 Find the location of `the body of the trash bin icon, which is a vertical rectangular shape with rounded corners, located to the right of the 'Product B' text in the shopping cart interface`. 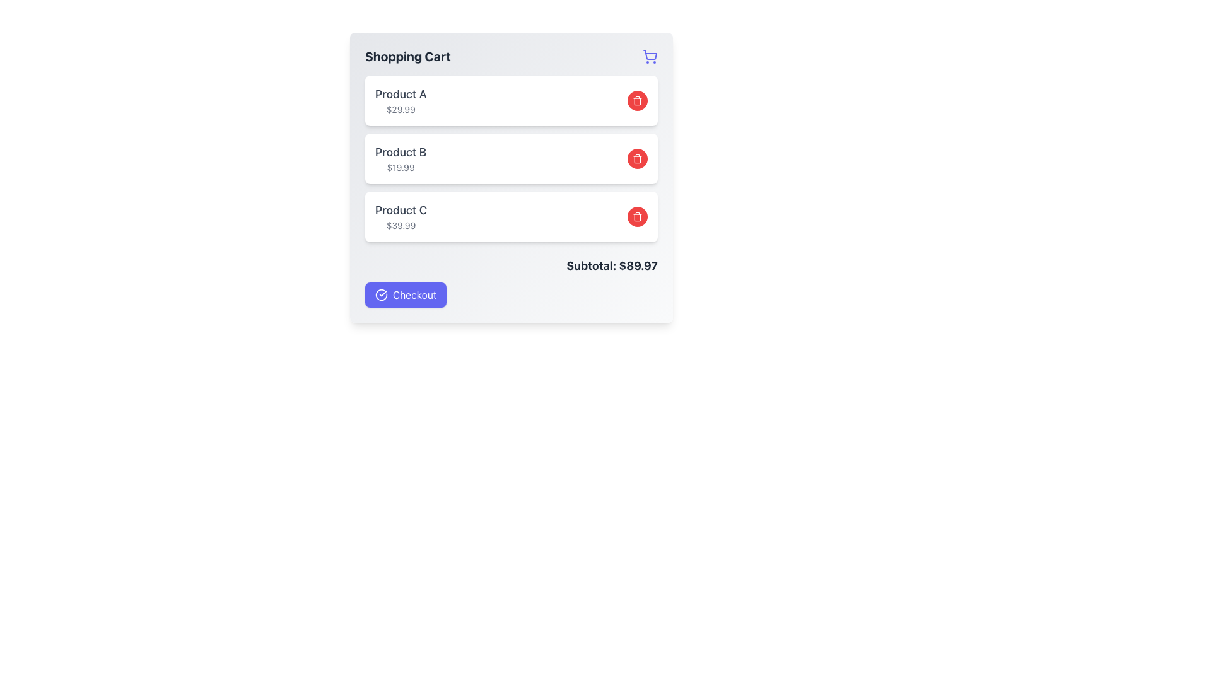

the body of the trash bin icon, which is a vertical rectangular shape with rounded corners, located to the right of the 'Product B' text in the shopping cart interface is located at coordinates (638, 216).